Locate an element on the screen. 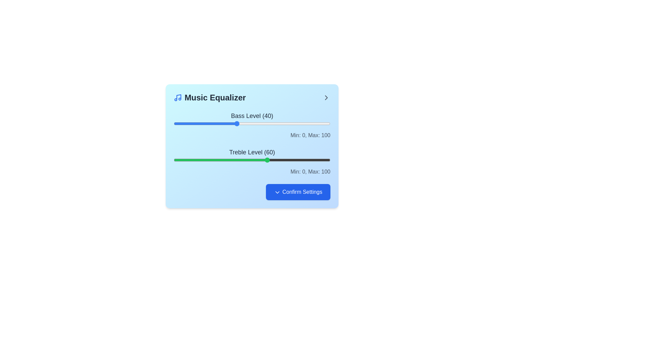  the blue handle of the Range input slider, which is below the 'Bass Level (40)' label is located at coordinates (252, 123).